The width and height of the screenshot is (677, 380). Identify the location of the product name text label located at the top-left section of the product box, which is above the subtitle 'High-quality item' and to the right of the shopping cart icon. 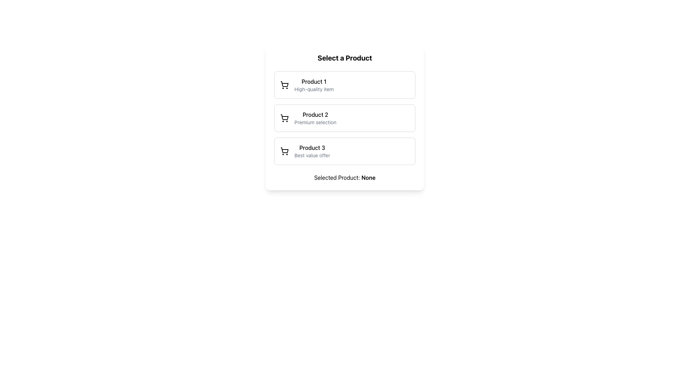
(313, 81).